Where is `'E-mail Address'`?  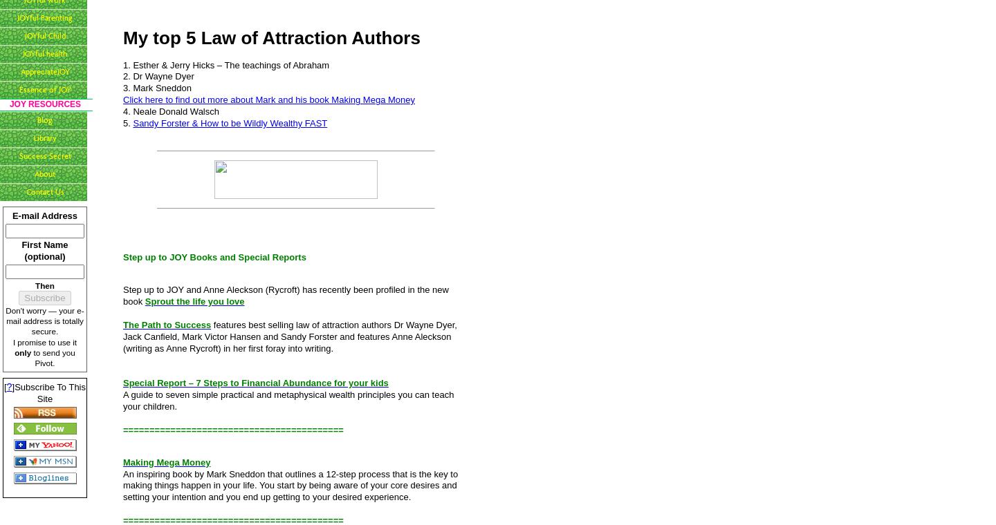
'E-mail Address' is located at coordinates (44, 216).